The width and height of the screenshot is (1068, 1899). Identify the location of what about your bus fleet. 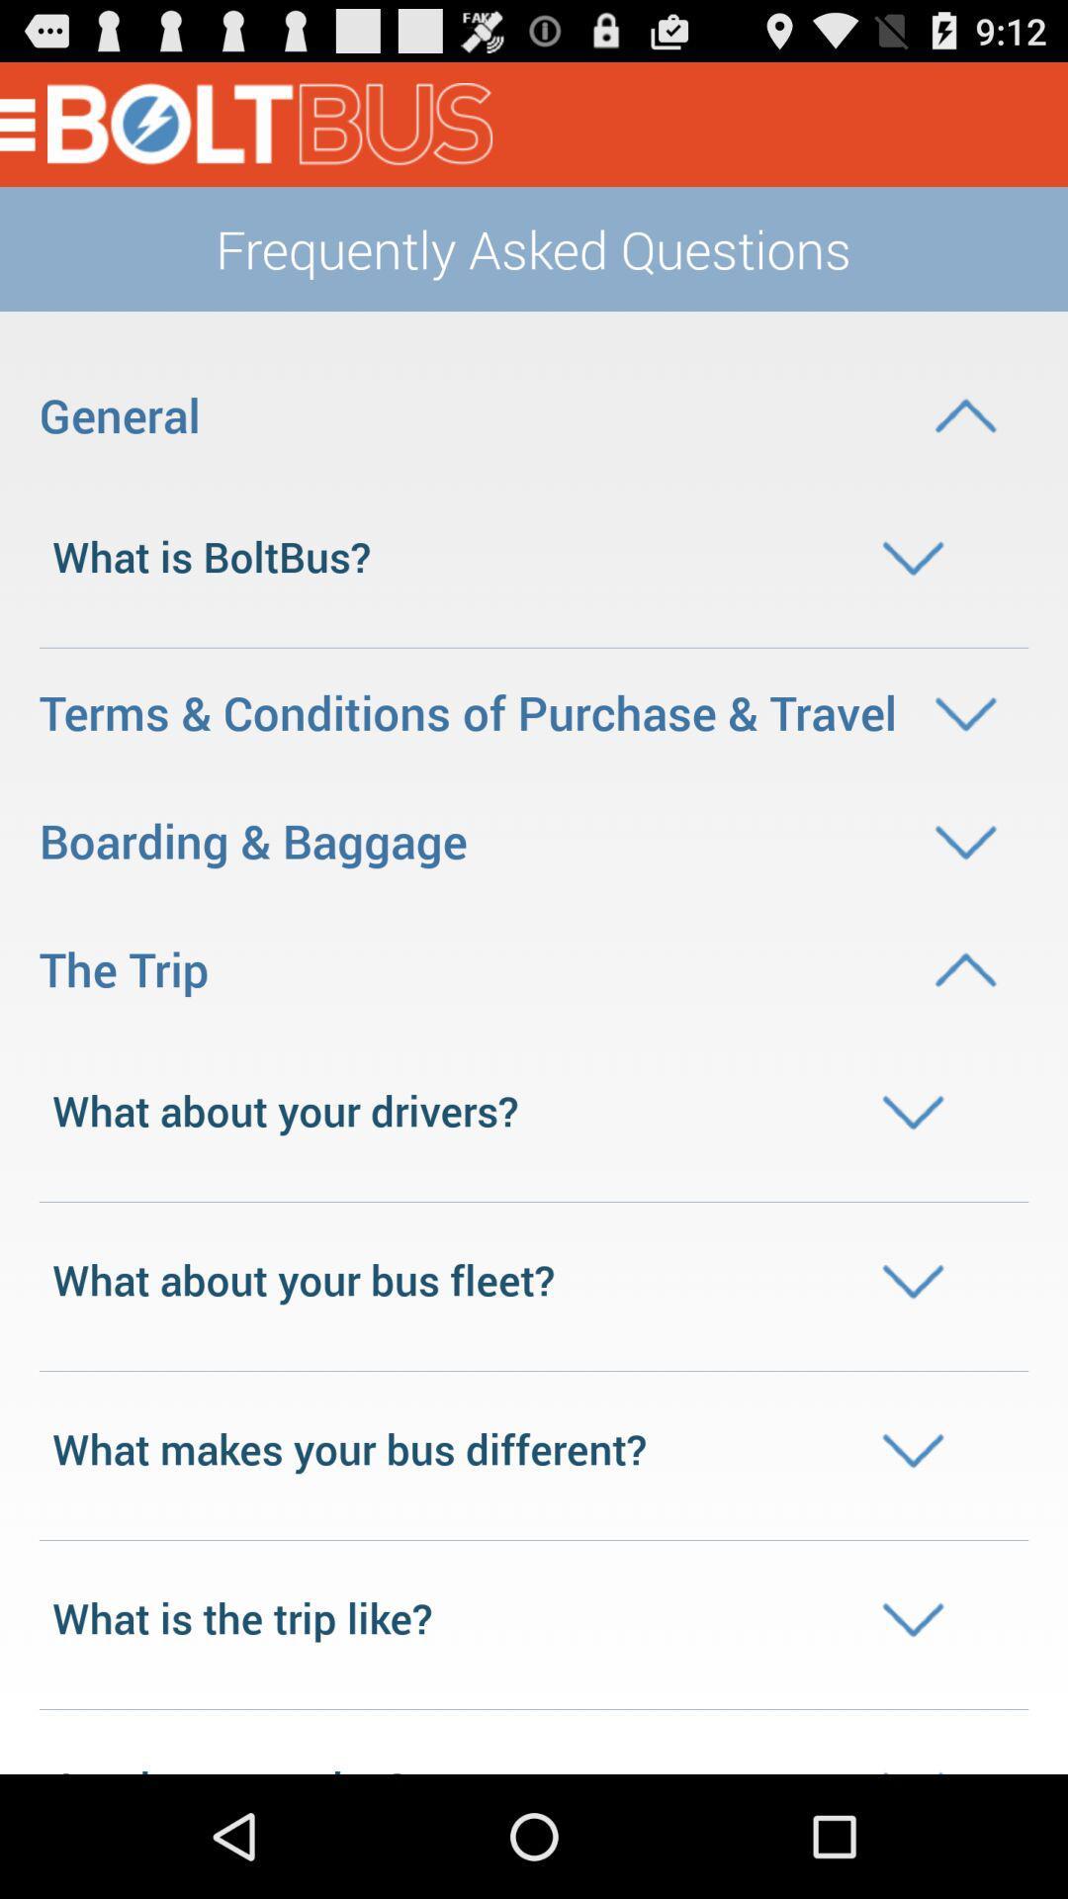
(534, 1280).